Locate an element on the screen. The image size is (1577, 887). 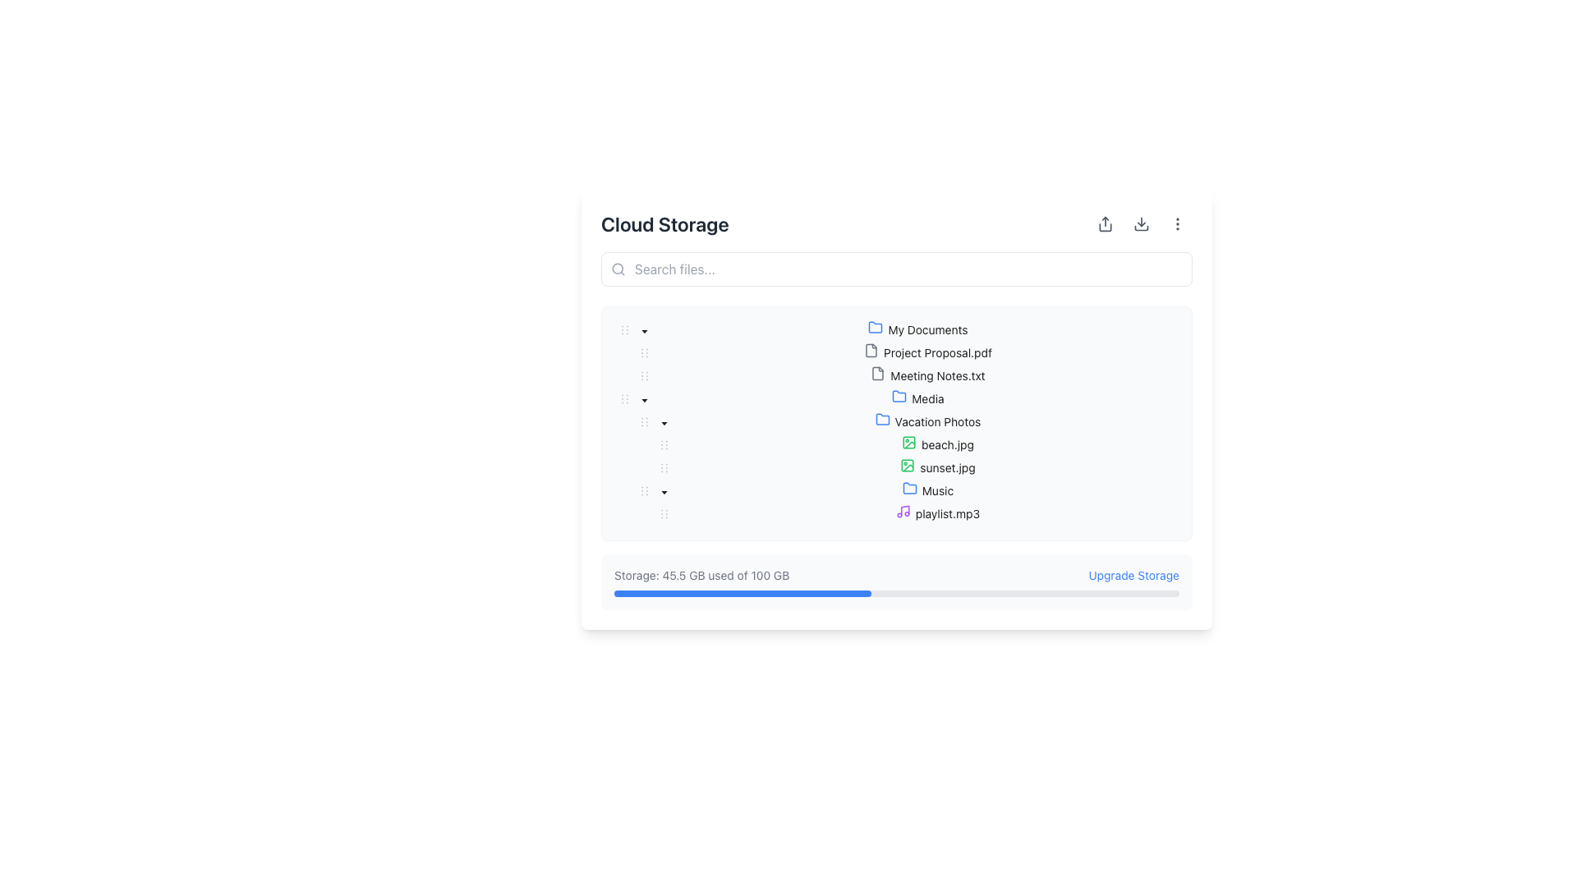
the text label displaying the filename 'sunset.jpg', which is styled in black on a white background is located at coordinates (947, 467).